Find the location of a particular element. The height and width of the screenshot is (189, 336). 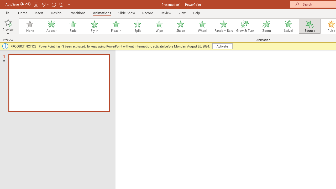

'System' is located at coordinates (3, 3).